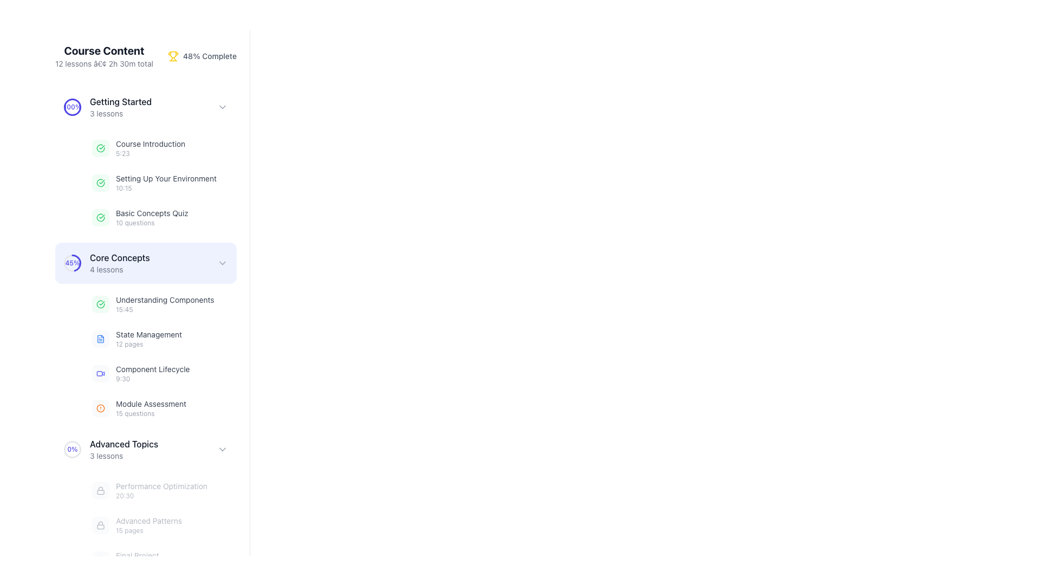 This screenshot has width=1040, height=585. Describe the element at coordinates (149, 491) in the screenshot. I see `the locked lesson item with a lock icon located in the 'Advanced Topics' section, which is the first entry below the section title` at that location.